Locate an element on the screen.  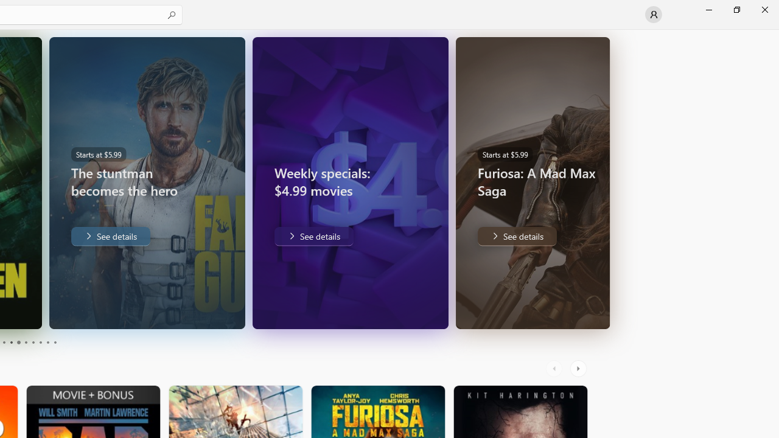
'Close Microsoft Store' is located at coordinates (764, 9).